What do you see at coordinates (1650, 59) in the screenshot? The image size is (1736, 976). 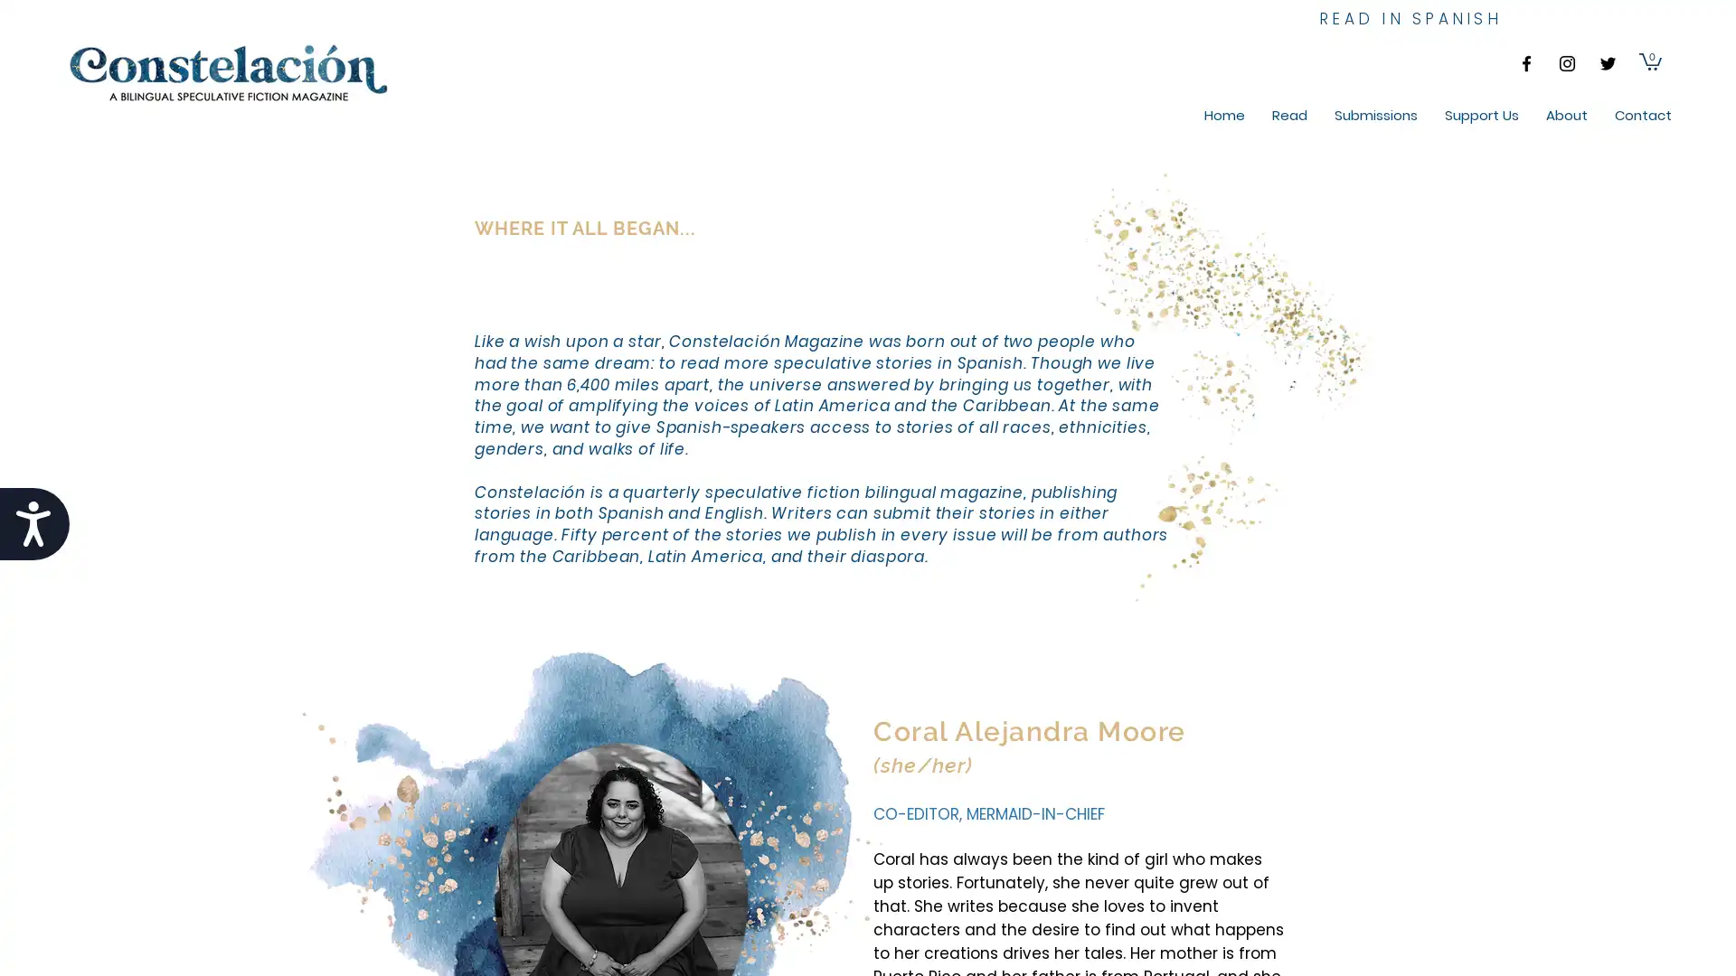 I see `Cart with 0 items` at bounding box center [1650, 59].